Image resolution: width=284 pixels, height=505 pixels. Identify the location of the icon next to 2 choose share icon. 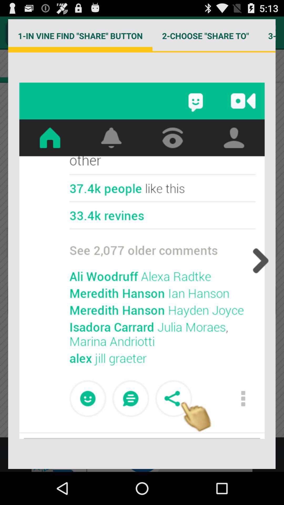
(267, 36).